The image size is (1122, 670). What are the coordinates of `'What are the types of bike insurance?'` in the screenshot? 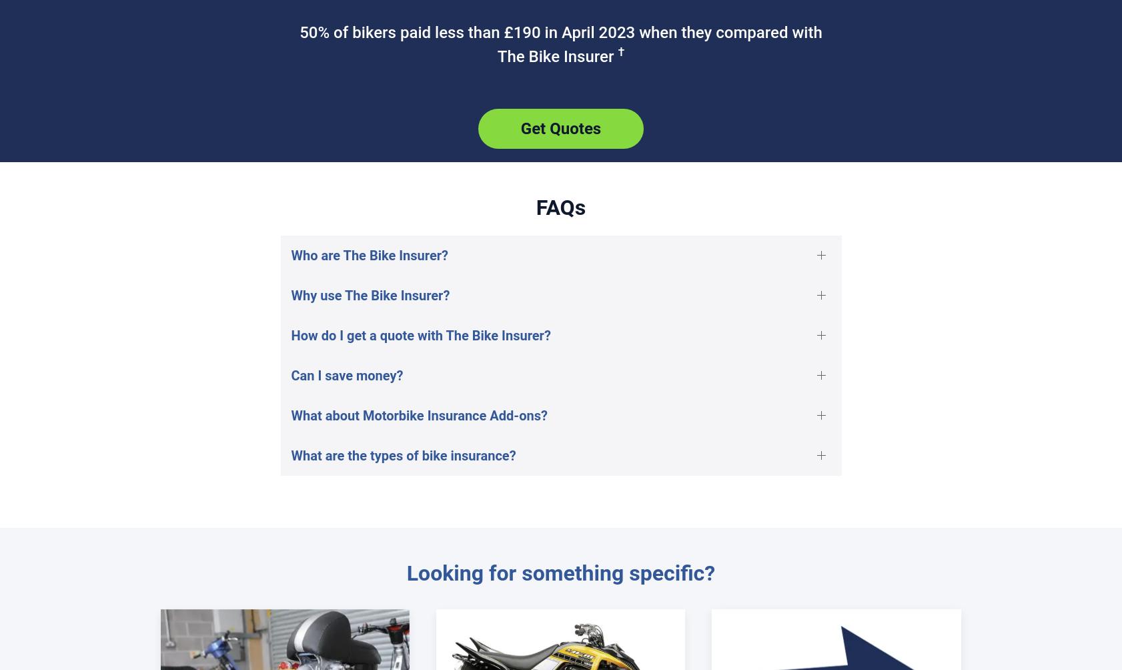 It's located at (403, 454).